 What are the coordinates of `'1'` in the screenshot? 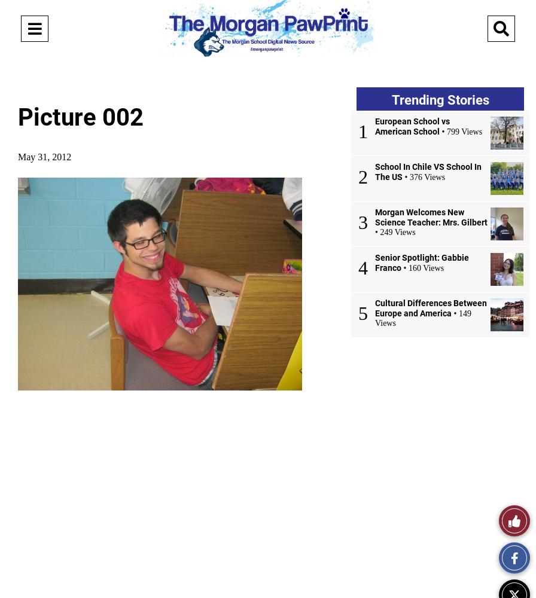 It's located at (363, 131).